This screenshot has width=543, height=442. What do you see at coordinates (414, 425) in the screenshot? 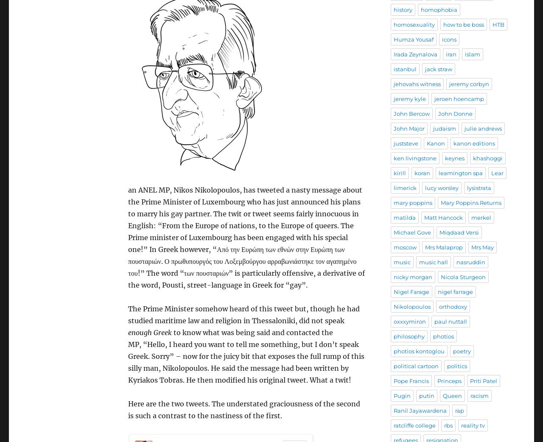
I see `'ratcliffe college'` at bounding box center [414, 425].